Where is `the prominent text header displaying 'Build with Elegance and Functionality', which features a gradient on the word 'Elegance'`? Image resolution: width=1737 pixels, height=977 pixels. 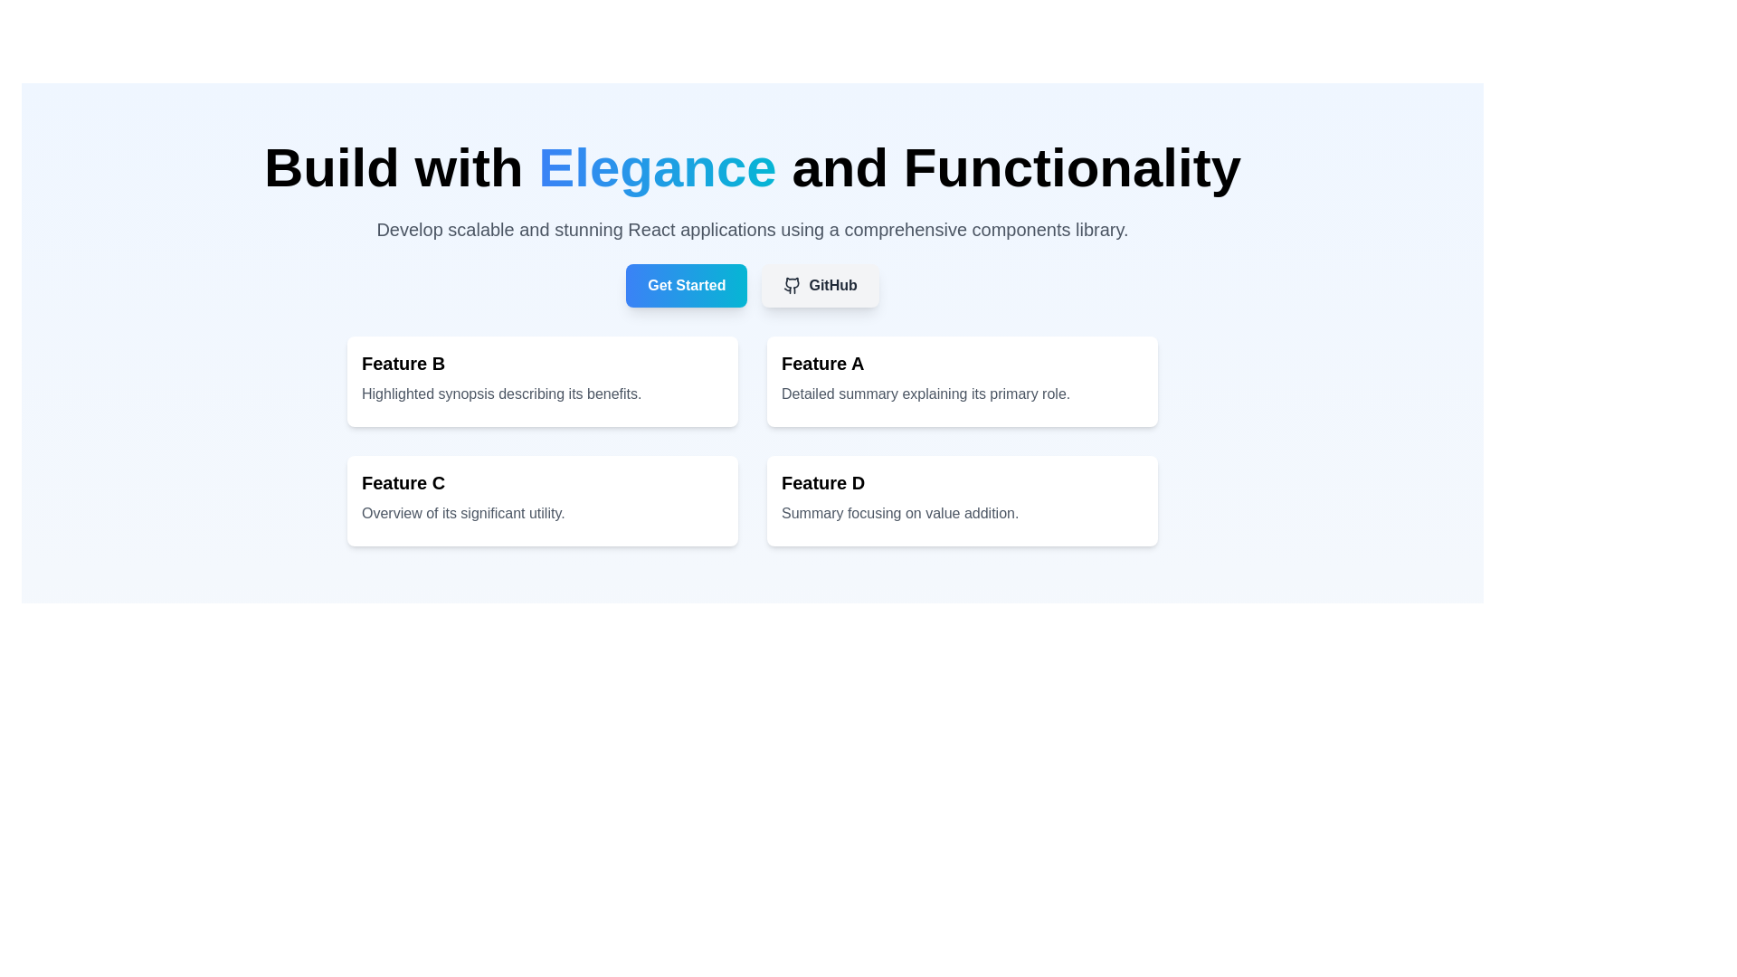
the prominent text header displaying 'Build with Elegance and Functionality', which features a gradient on the word 'Elegance' is located at coordinates (752, 167).